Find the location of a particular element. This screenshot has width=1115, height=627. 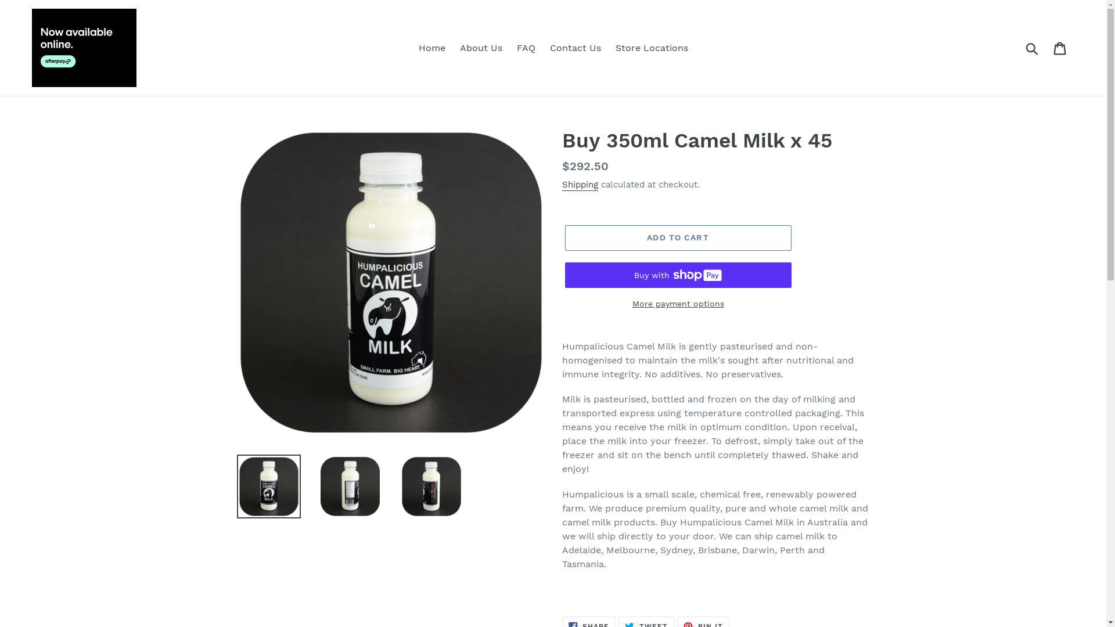

'Home' is located at coordinates (431, 48).